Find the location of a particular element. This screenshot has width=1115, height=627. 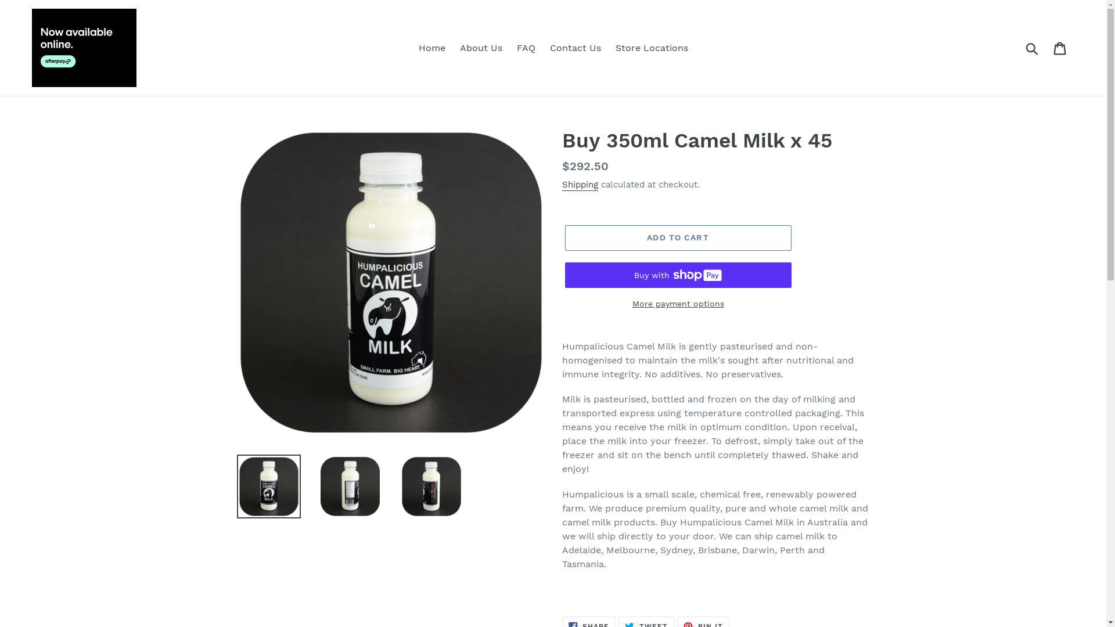

'Home' is located at coordinates (431, 48).